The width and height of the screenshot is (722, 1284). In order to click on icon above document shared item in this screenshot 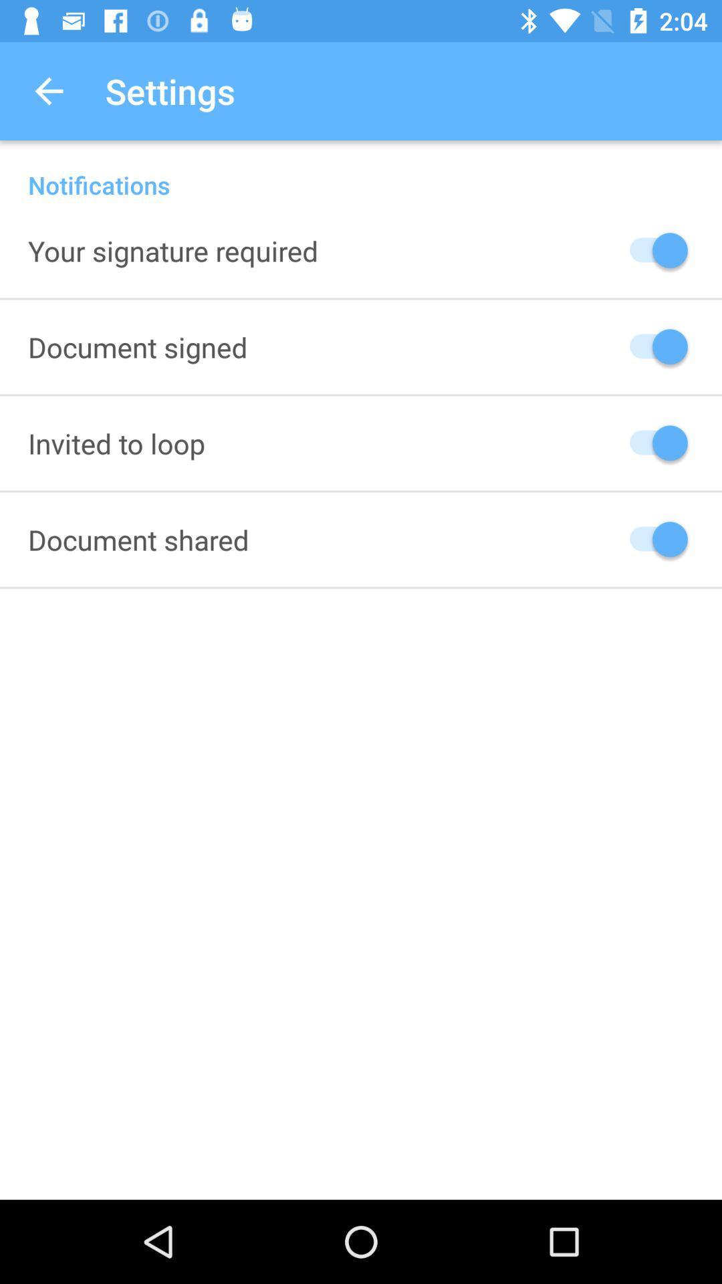, I will do `click(116, 443)`.